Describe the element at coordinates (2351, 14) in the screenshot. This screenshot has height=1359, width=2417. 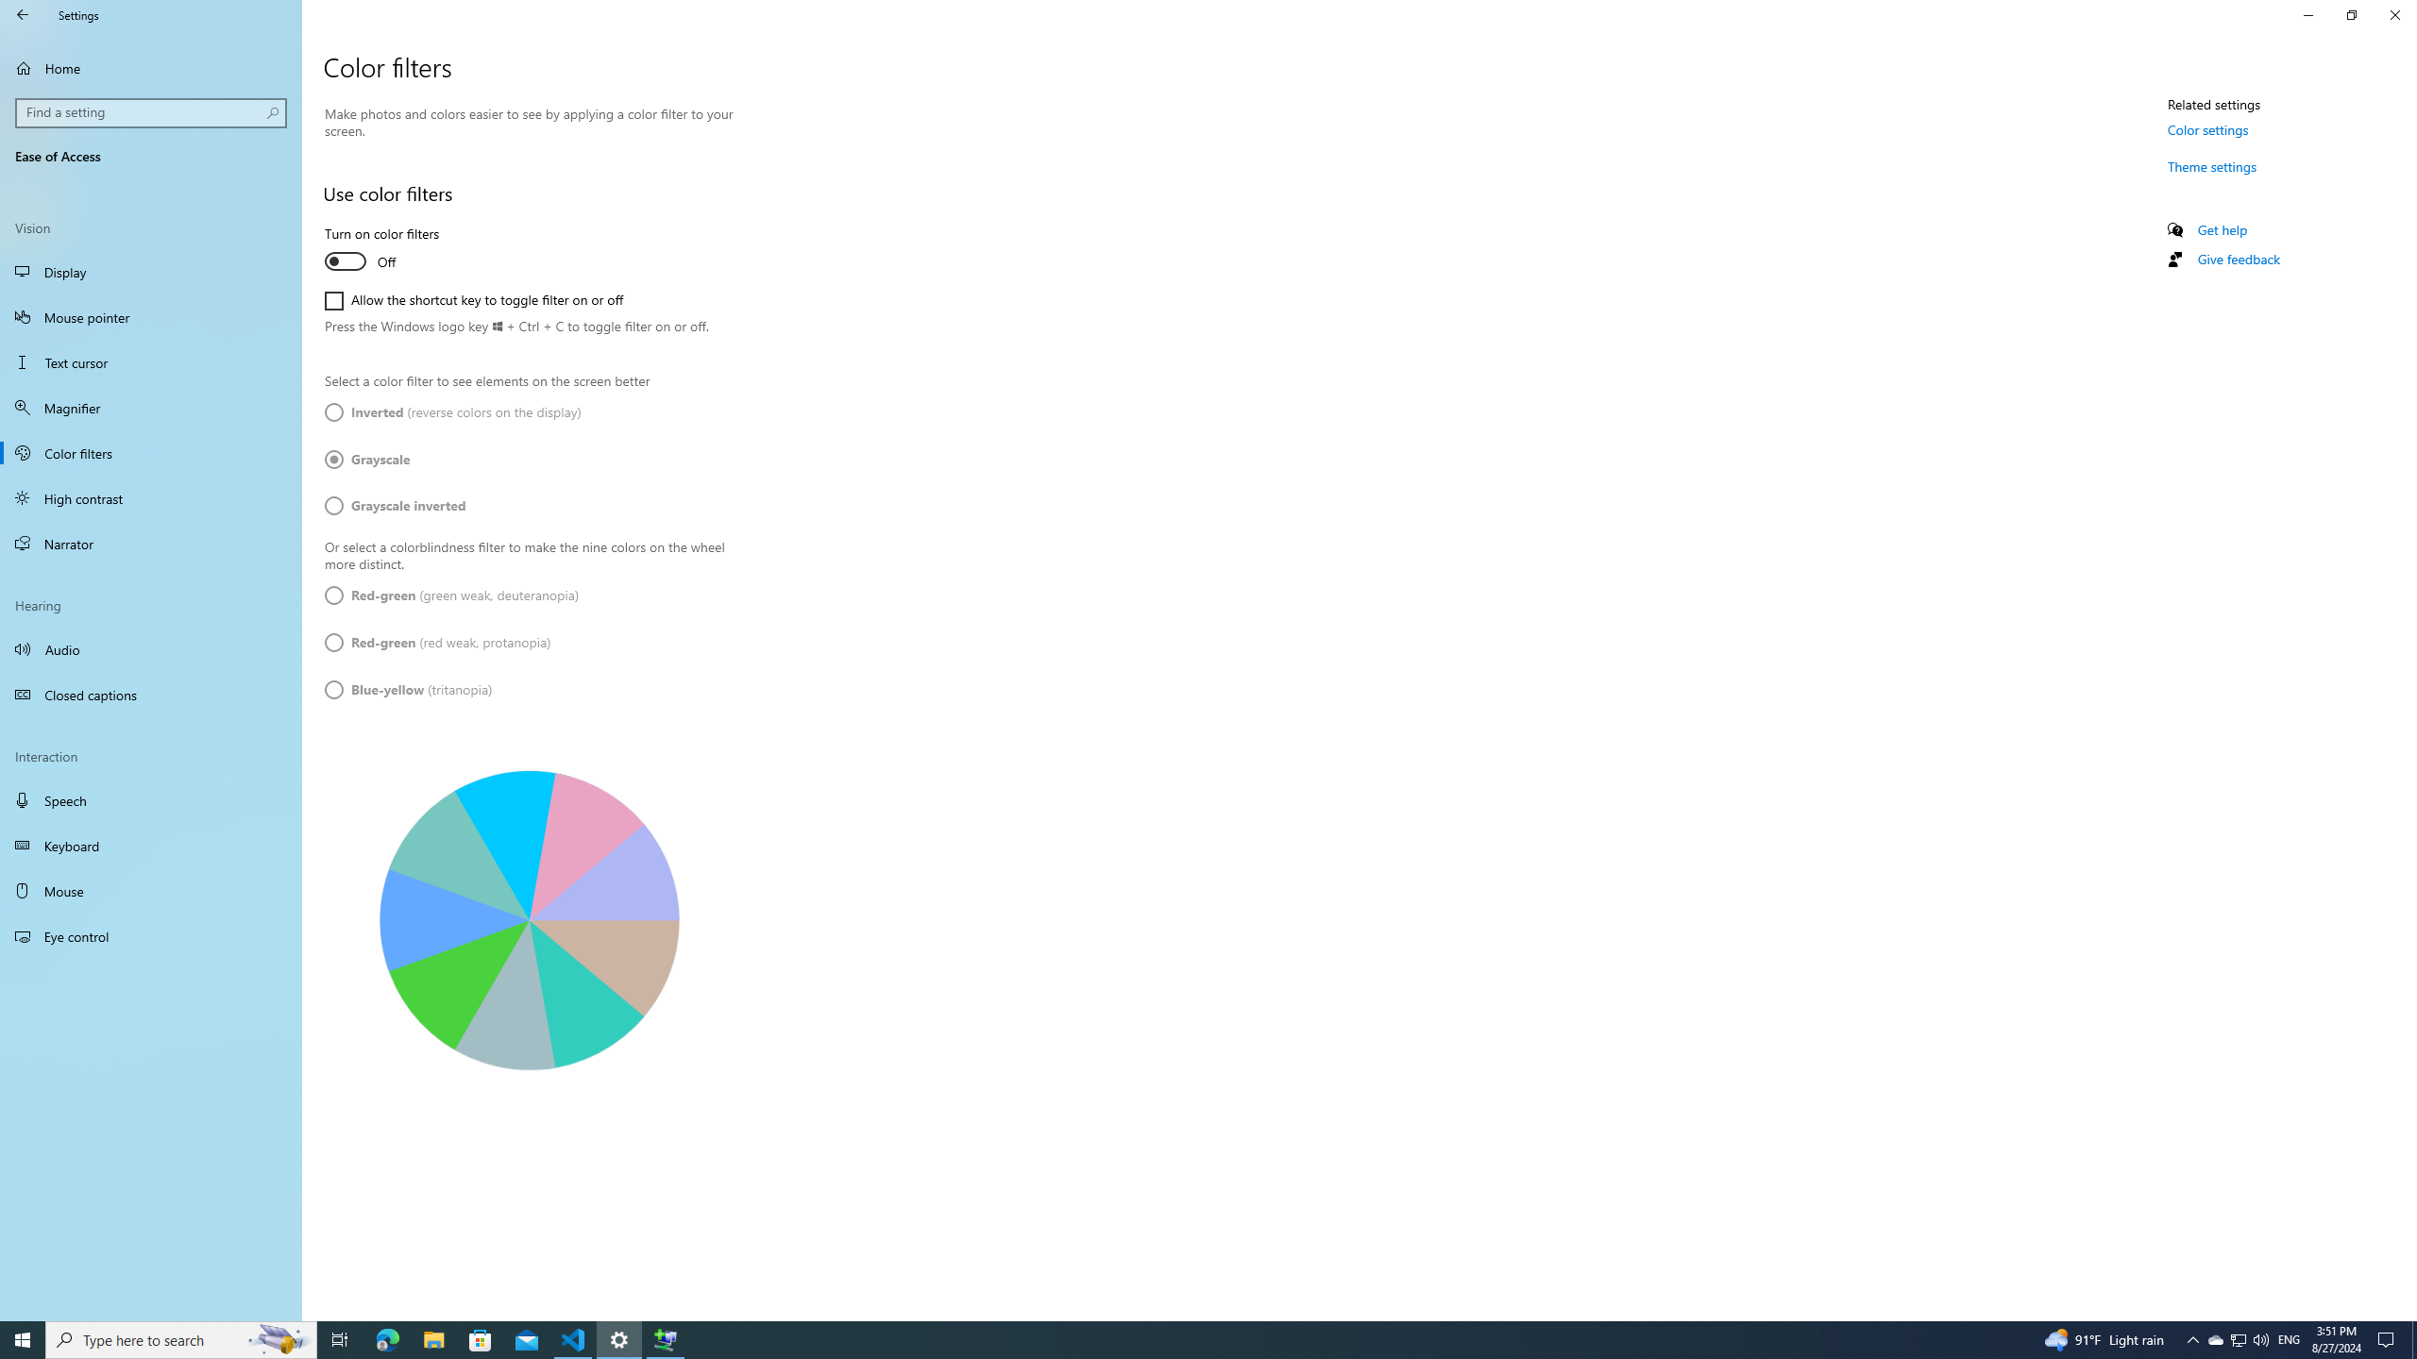
I see `'Restore Settings'` at that location.